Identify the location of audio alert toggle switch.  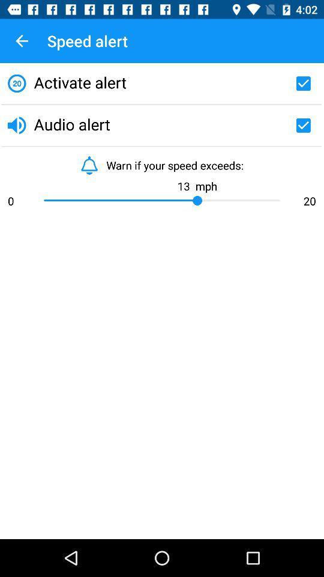
(302, 125).